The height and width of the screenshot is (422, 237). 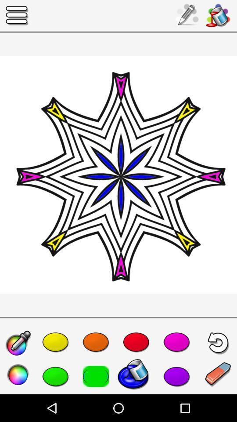 What do you see at coordinates (18, 375) in the screenshot?
I see `the color which is bottom left side` at bounding box center [18, 375].